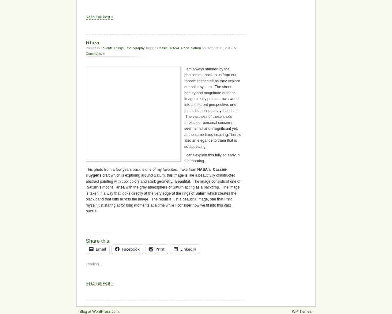 The height and width of the screenshot is (314, 392). I want to click on 'I am always stunned by the photos sent back to us from our robotic spacecraft as they explore our solar system.  The sheer beauty and magnitude of these images really puts our own world into a different perspective, one that is humbling to say the least.  The vastness of these shots makes our personal concerns seem small and insignificant yet, at the same time, inspiring.There’s also an elegance to them that is so appealing.', so click(213, 247).